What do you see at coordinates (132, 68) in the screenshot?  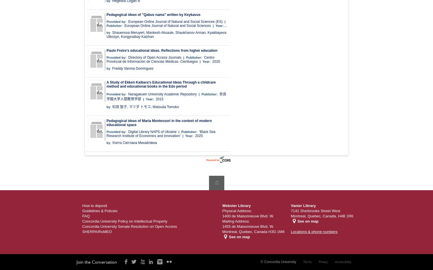 I see `'Freddy Varona Domínguez'` at bounding box center [132, 68].